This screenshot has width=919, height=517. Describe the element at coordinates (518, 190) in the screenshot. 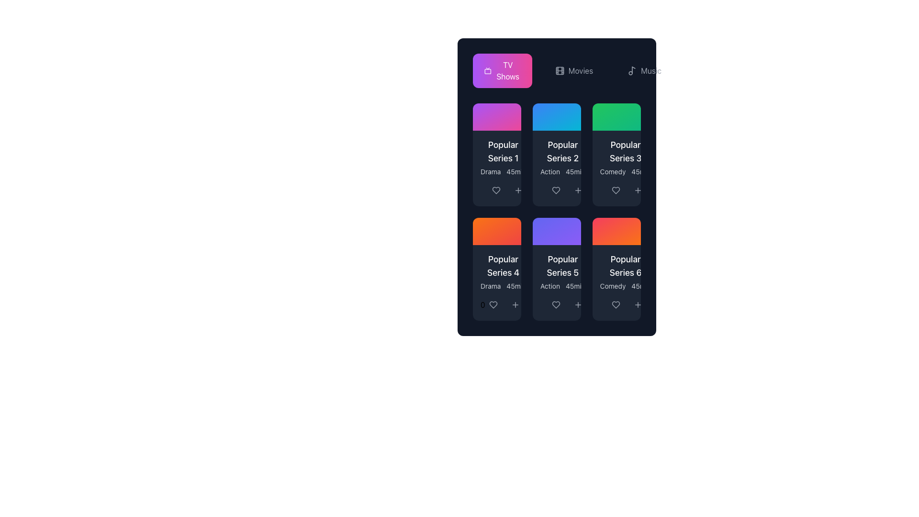

I see `the button with a plus icon, located next to the heart icon in the 'Popular Series 2' card, for keyboard navigation` at that location.